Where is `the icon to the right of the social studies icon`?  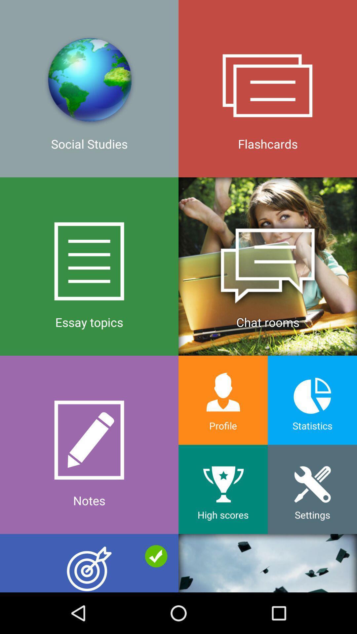
the icon to the right of the social studies icon is located at coordinates (268, 88).